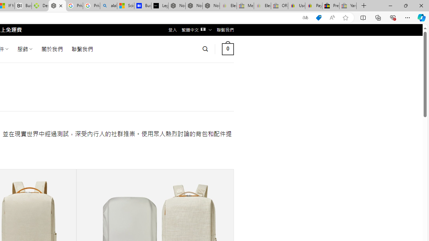  Describe the element at coordinates (61, 6) in the screenshot. I see `'Close tab'` at that location.